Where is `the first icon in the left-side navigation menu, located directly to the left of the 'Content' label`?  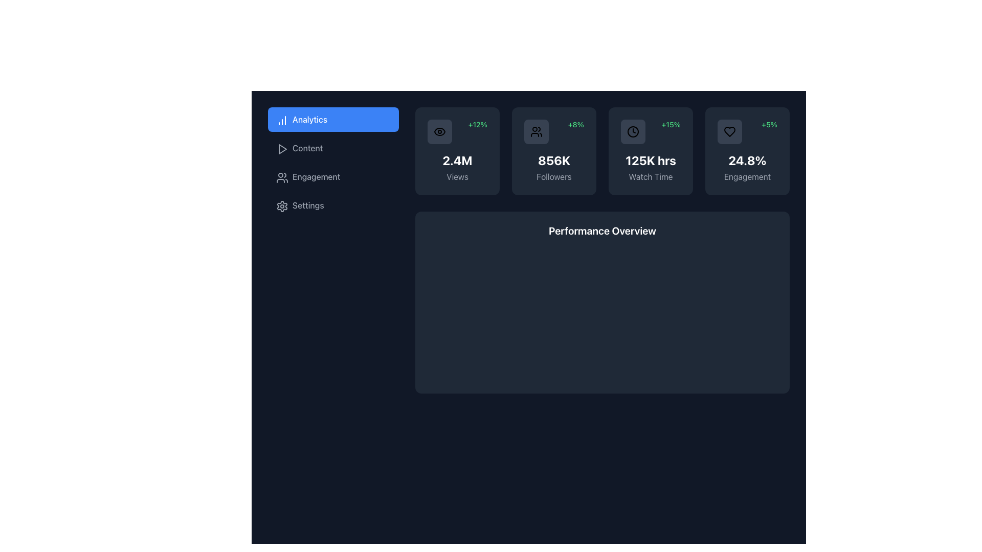
the first icon in the left-side navigation menu, located directly to the left of the 'Content' label is located at coordinates (282, 149).